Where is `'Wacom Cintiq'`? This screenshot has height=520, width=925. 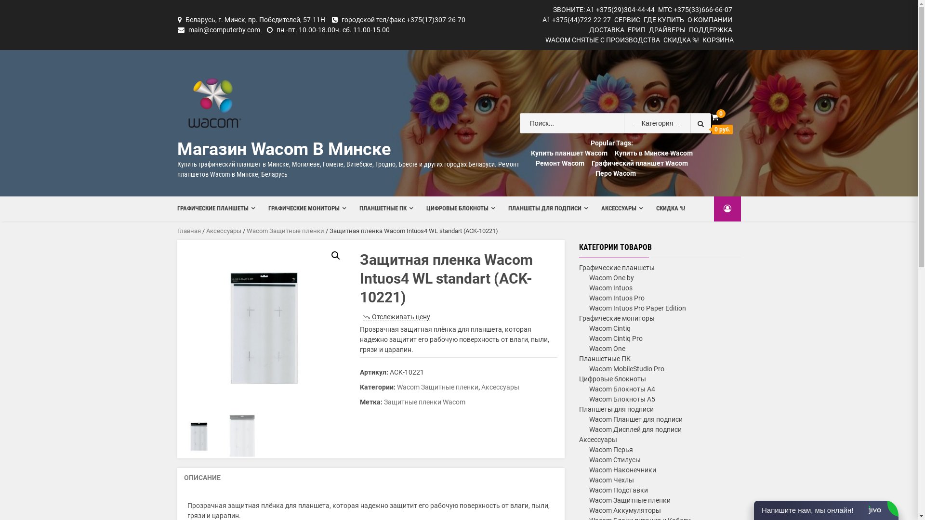 'Wacom Cintiq' is located at coordinates (609, 328).